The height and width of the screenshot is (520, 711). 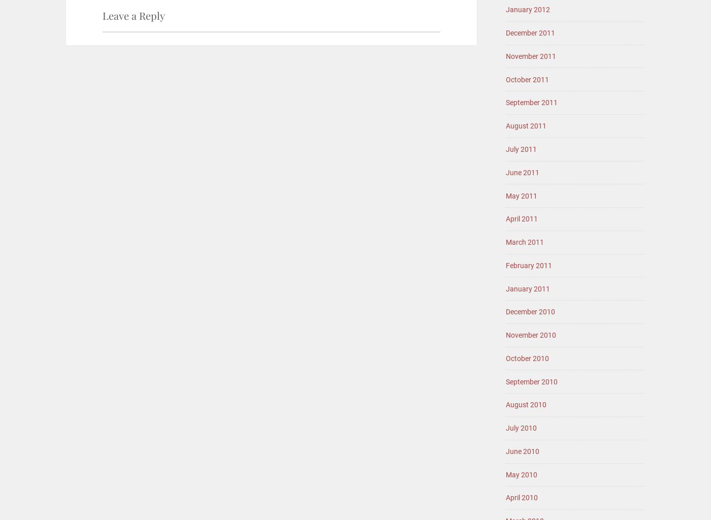 I want to click on 'July 2011', so click(x=505, y=148).